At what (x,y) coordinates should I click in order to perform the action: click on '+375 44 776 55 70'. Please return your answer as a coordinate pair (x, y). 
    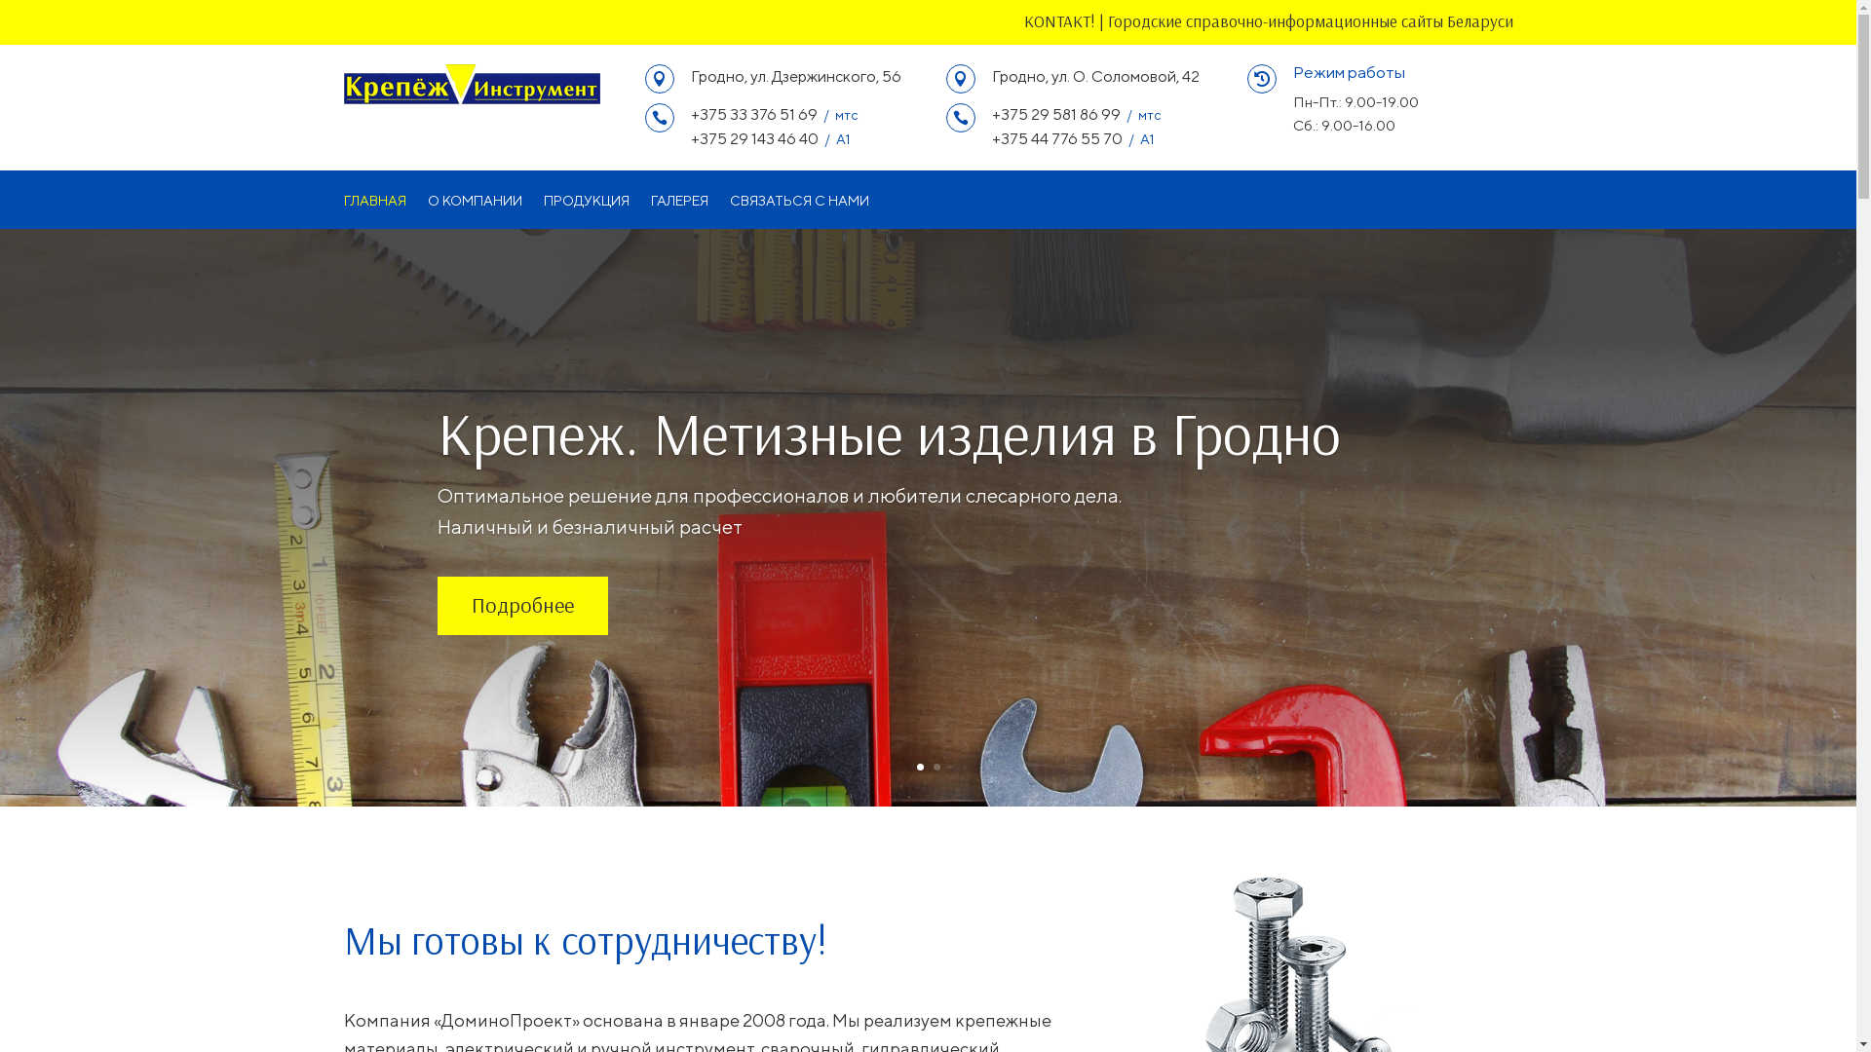
    Looking at the image, I should click on (1055, 137).